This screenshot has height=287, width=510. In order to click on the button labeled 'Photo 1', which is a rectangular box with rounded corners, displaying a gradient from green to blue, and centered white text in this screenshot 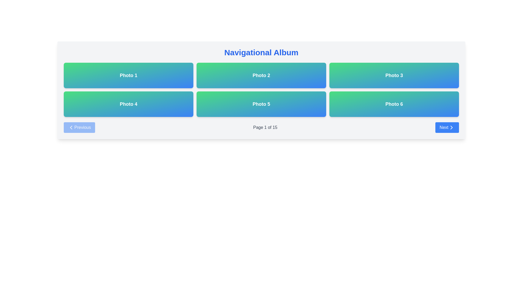, I will do `click(129, 75)`.